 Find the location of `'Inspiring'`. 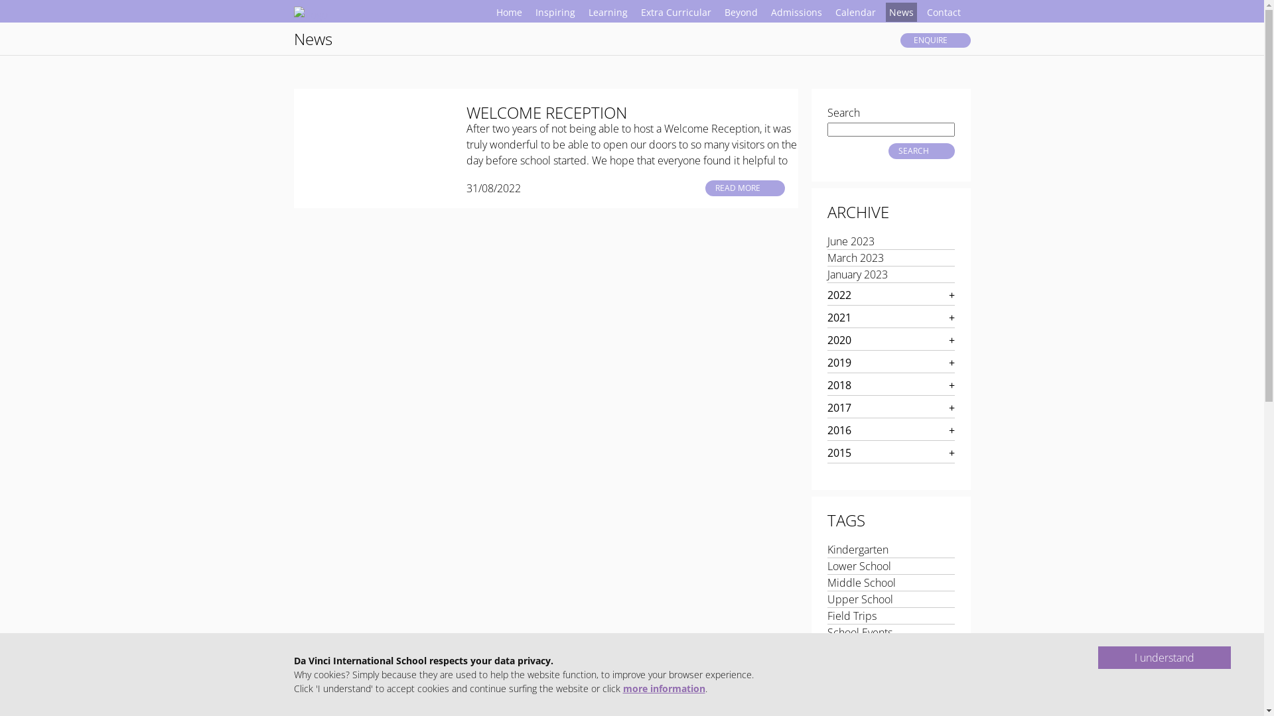

'Inspiring' is located at coordinates (555, 12).